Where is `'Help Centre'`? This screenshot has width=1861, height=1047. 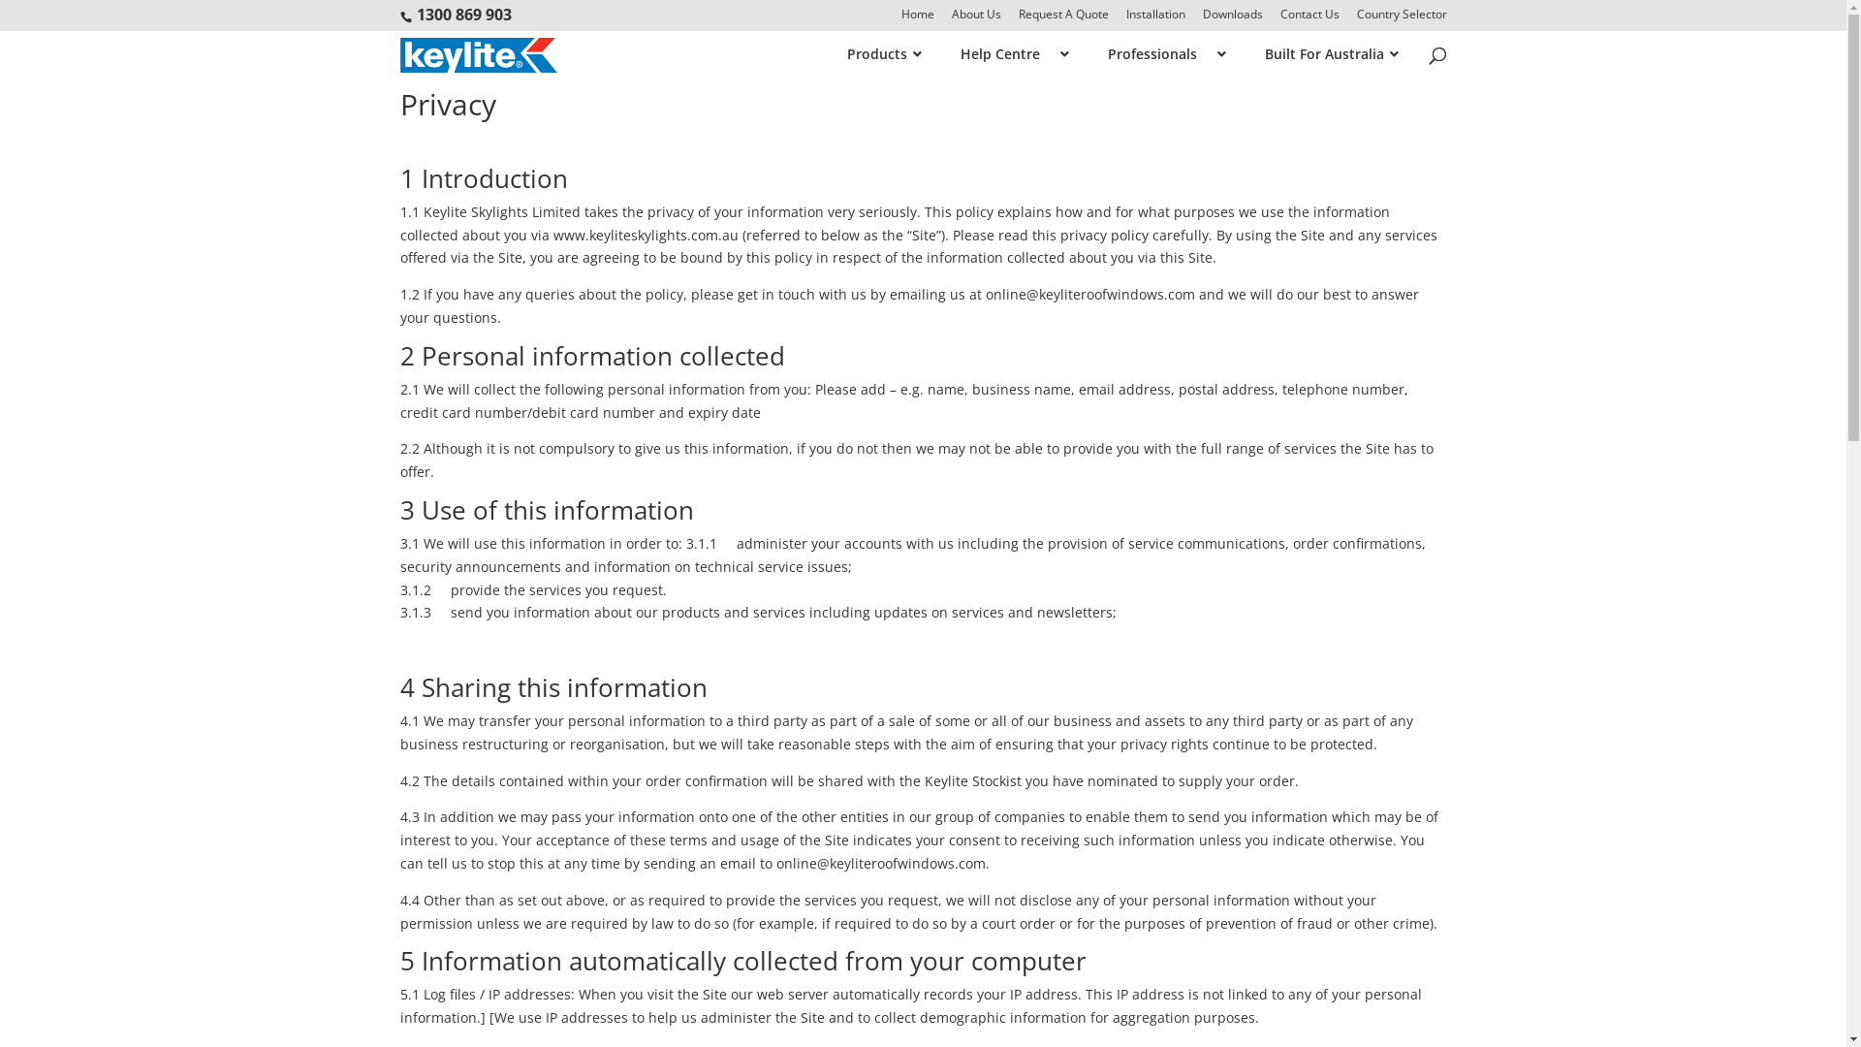 'Help Centre' is located at coordinates (1004, 53).